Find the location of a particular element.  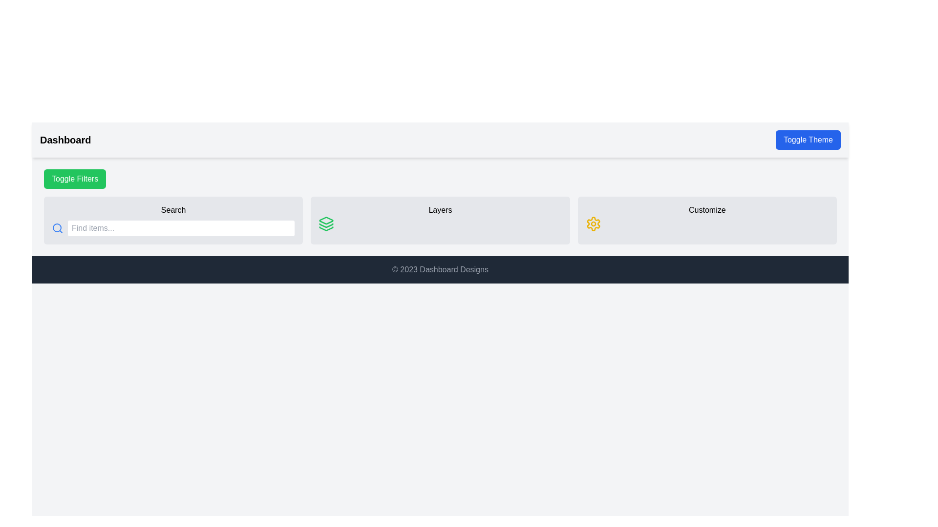

the static representation of the topmost triangular shape within the green-outlined icon in the 'Layers' section of the interface is located at coordinates (326, 221).